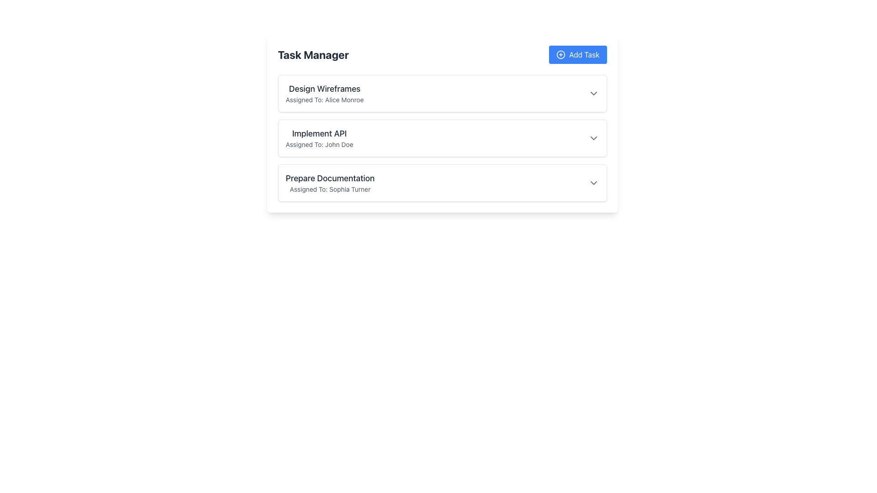 Image resolution: width=877 pixels, height=493 pixels. Describe the element at coordinates (442, 183) in the screenshot. I see `the List Item Panel titled 'Prepare Documentation' using the keyboard` at that location.